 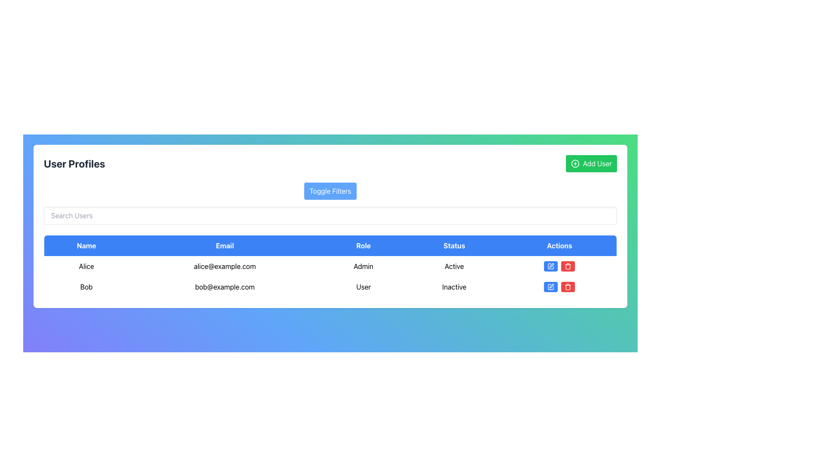 What do you see at coordinates (454, 287) in the screenshot?
I see `the 'Inactive' status text label located in the second row of the table, specifically in the 'Status' column` at bounding box center [454, 287].